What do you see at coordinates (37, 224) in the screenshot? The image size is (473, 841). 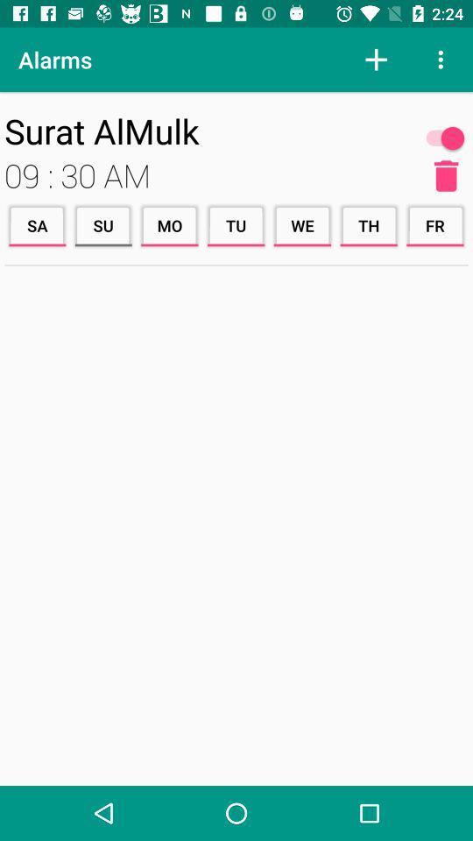 I see `the icon below the 09 : 30 am icon` at bounding box center [37, 224].